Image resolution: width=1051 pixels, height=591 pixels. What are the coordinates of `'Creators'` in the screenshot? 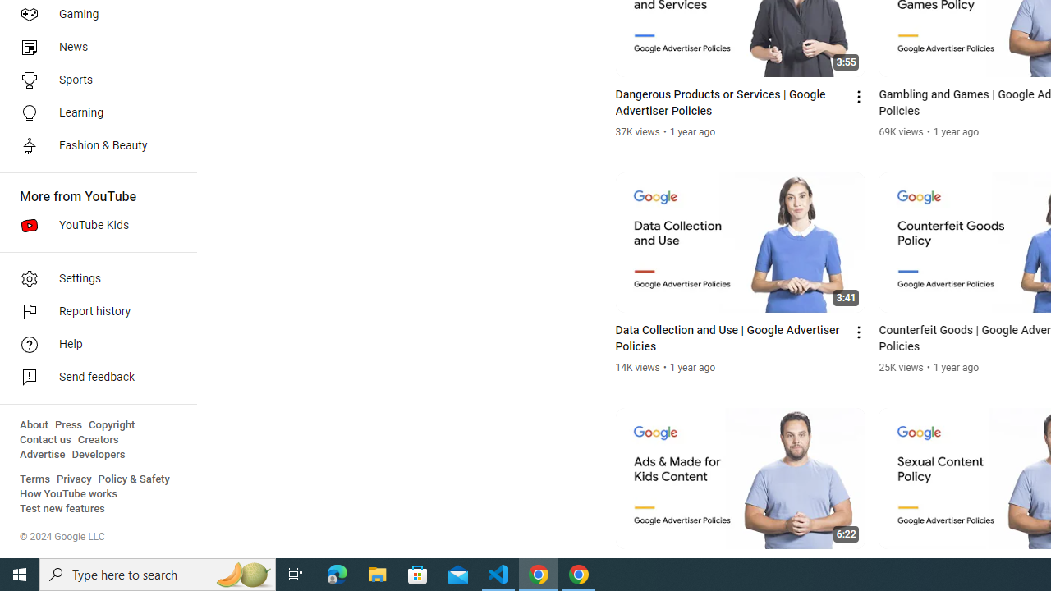 It's located at (97, 439).